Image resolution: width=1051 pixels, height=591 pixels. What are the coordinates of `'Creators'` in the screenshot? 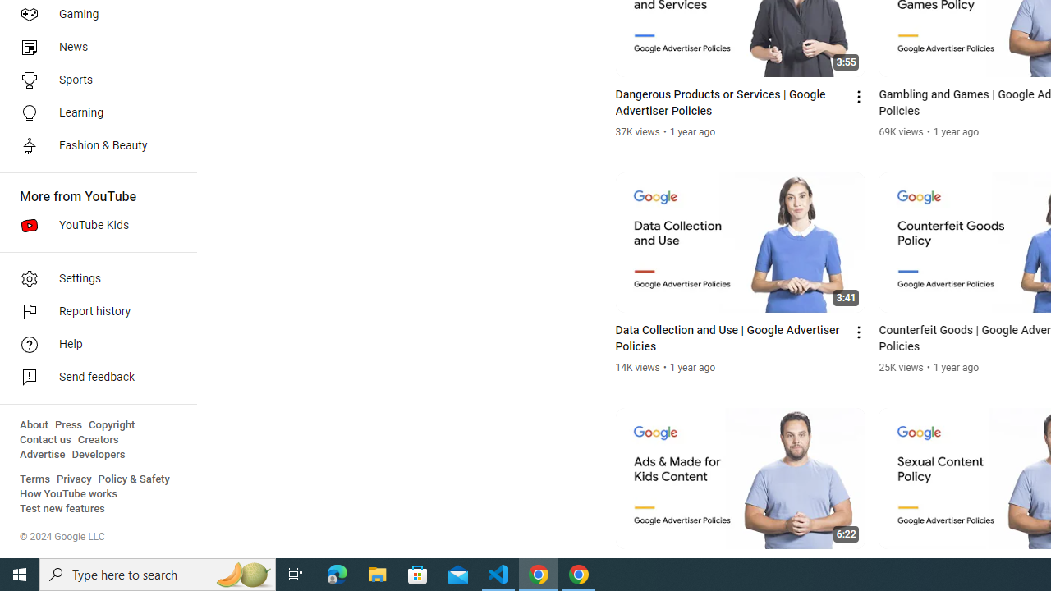 It's located at (97, 439).